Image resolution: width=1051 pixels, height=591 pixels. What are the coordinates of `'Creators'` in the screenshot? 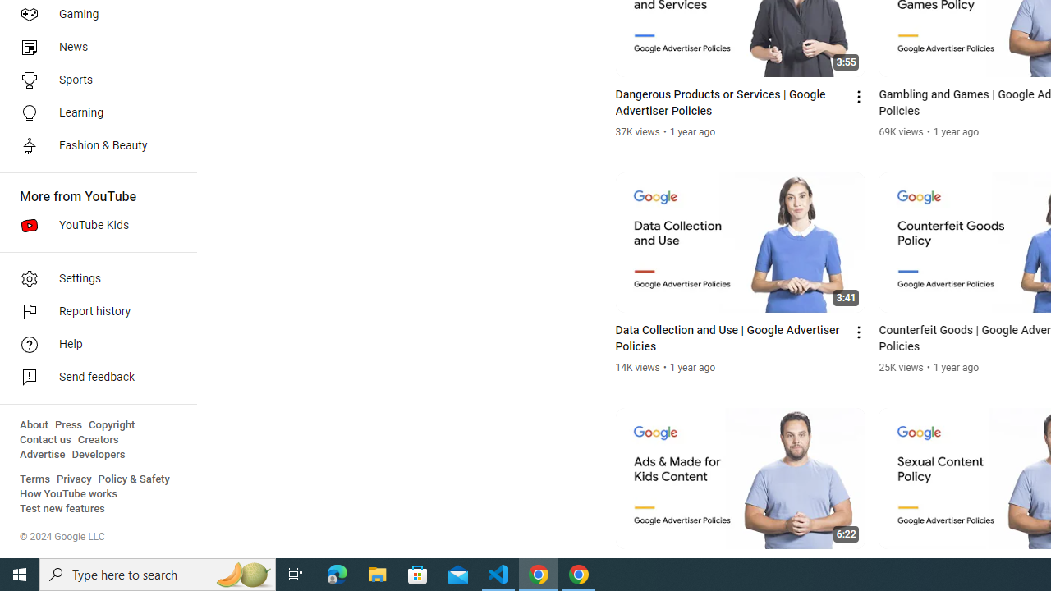 It's located at (97, 439).